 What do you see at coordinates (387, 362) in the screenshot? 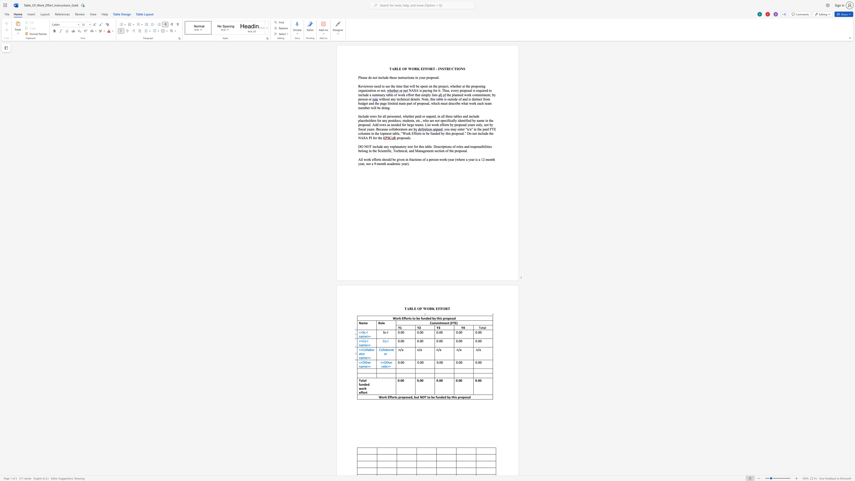
I see `the space between the continuous character "t" and "h" in the text` at bounding box center [387, 362].